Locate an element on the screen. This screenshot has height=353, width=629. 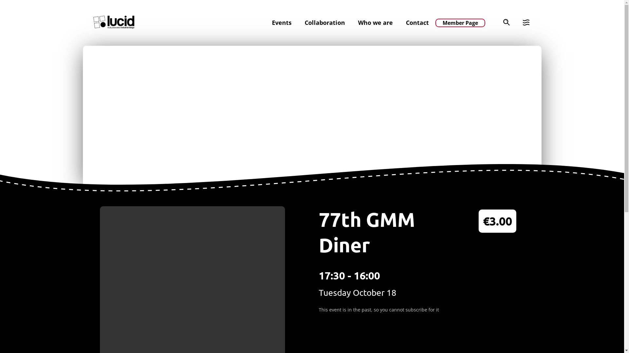
'Events' is located at coordinates (272, 22).